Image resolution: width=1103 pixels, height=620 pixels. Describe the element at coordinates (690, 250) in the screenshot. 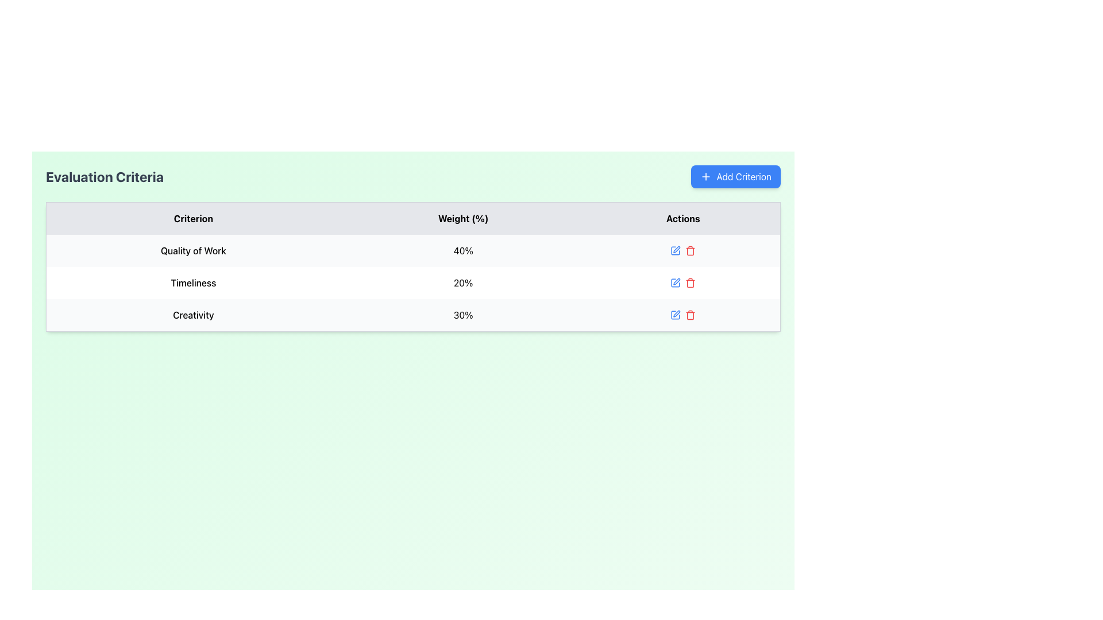

I see `the red trash can icon button in the 'Actions' column for the 'Quality of Work' row` at that location.